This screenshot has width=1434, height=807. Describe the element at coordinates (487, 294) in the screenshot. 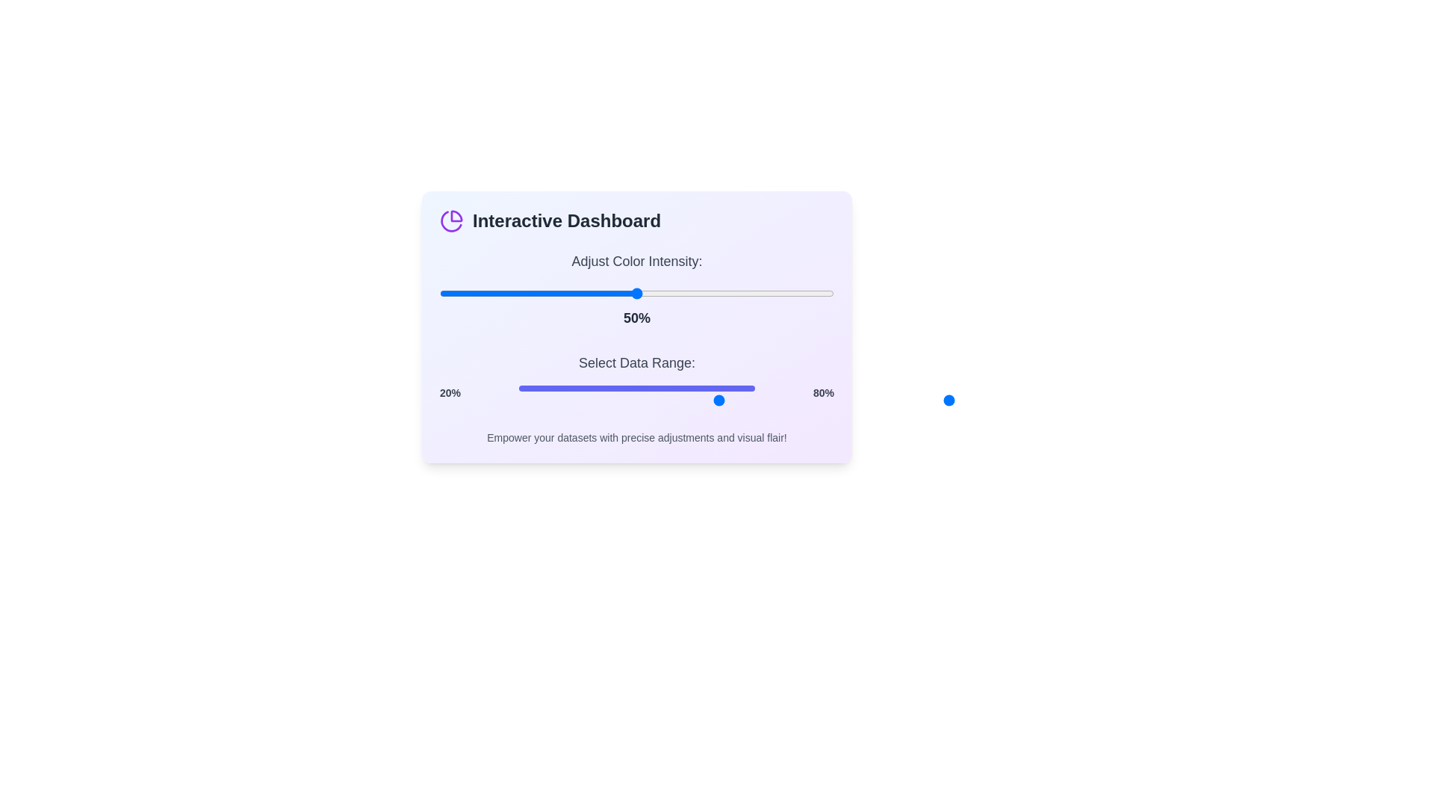

I see `the color intensity` at that location.